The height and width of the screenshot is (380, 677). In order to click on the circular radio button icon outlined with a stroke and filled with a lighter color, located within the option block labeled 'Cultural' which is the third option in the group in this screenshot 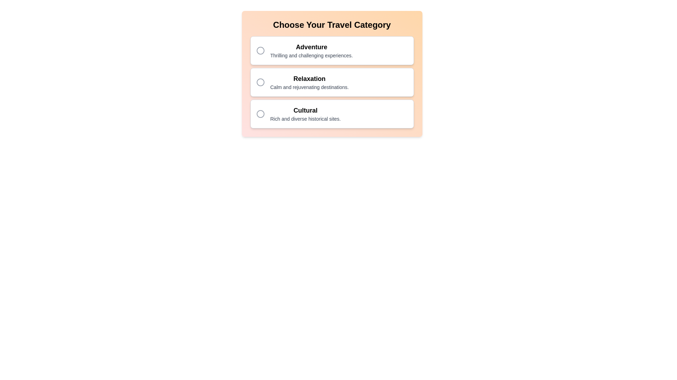, I will do `click(260, 114)`.